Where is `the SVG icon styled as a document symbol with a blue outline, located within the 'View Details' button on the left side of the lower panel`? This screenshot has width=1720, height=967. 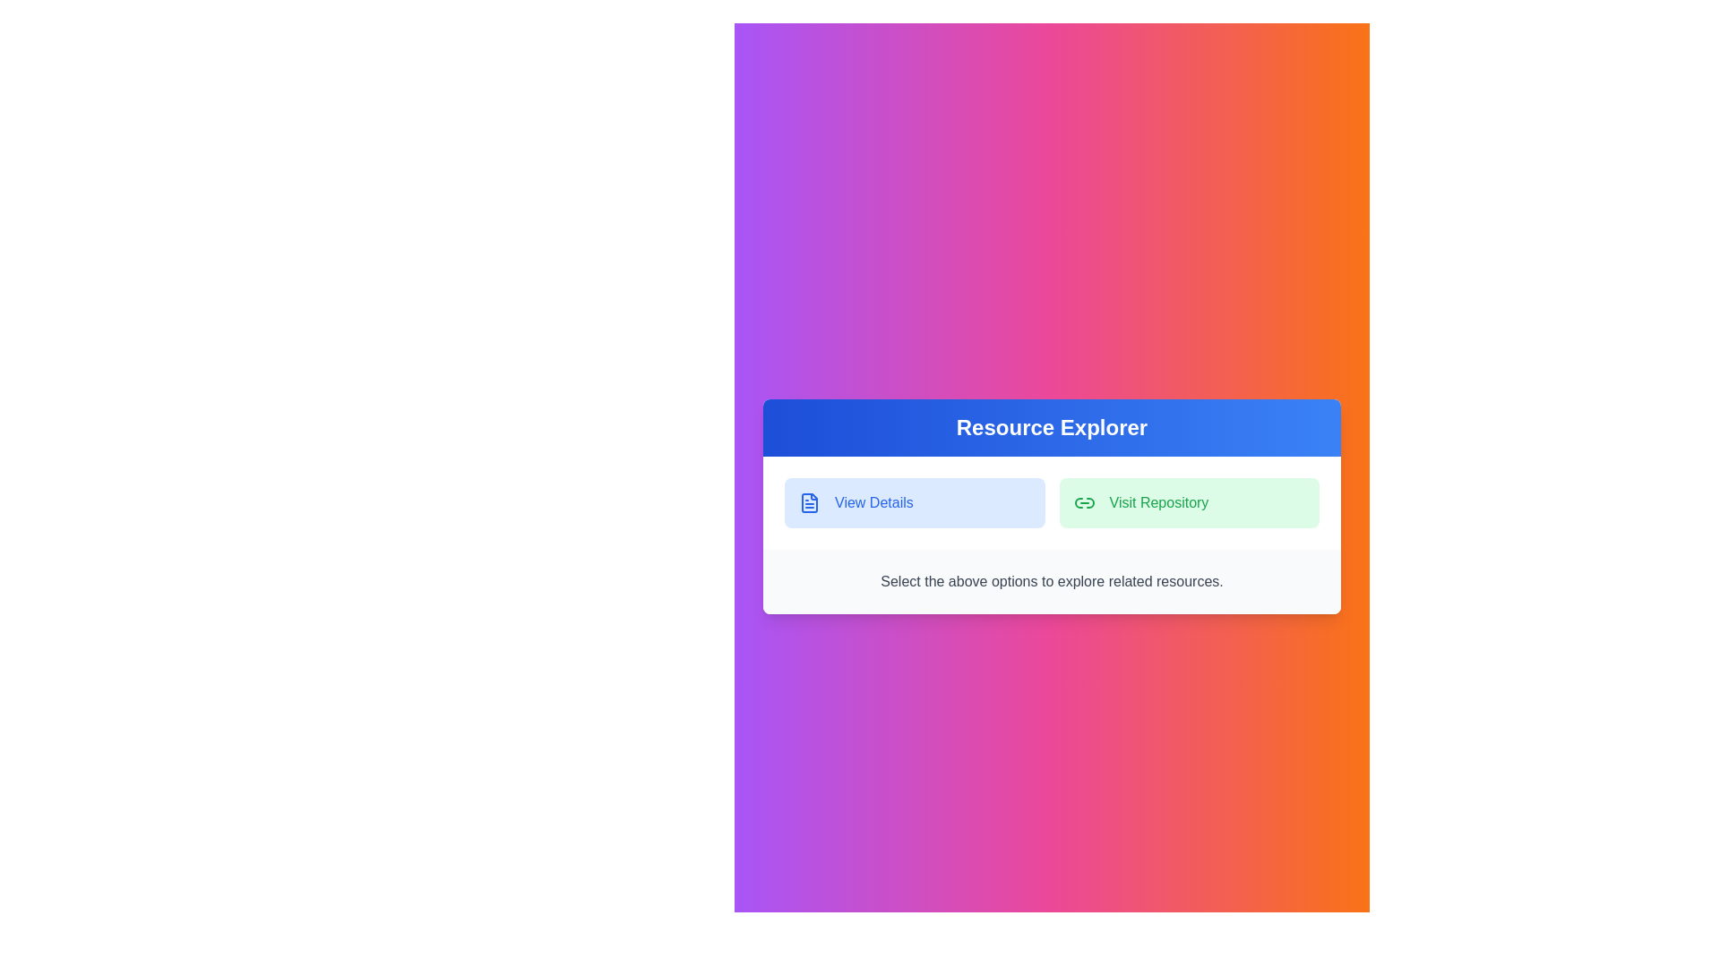
the SVG icon styled as a document symbol with a blue outline, located within the 'View Details' button on the left side of the lower panel is located at coordinates (808, 503).